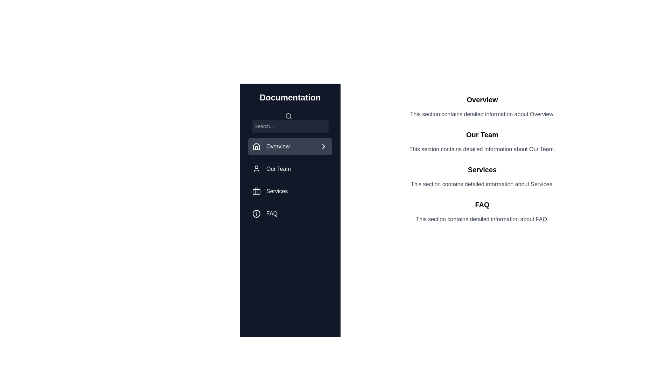  Describe the element at coordinates (256, 191) in the screenshot. I see `briefcase icon located to the left of the 'Services' label in the sidebar menu for details` at that location.